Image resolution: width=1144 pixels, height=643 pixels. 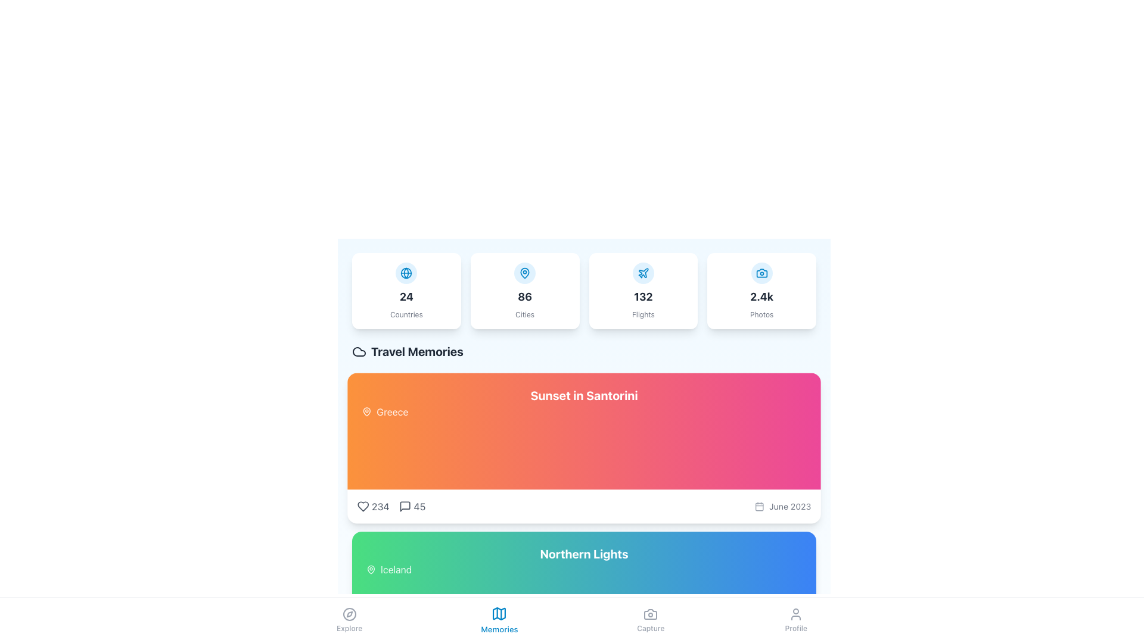 What do you see at coordinates (419, 506) in the screenshot?
I see `the static text display showing the number '45', which is located beneath the 'Sunset in Santorini' section in the 'Travel Memories' group, to the right of the speech bubble icon` at bounding box center [419, 506].